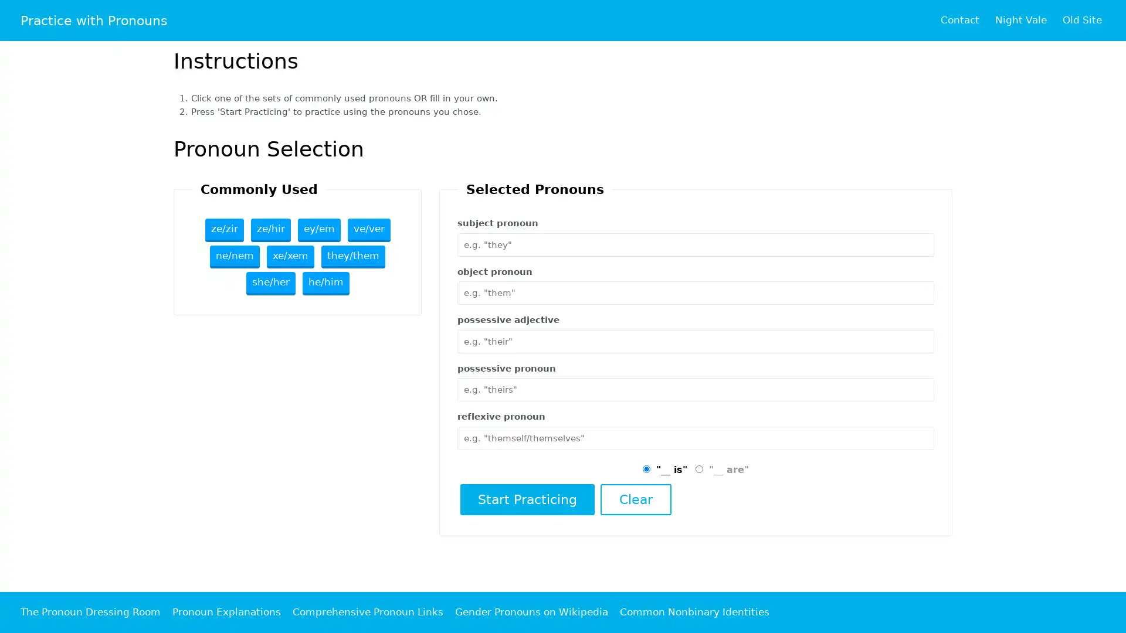 The image size is (1126, 633). Describe the element at coordinates (635, 499) in the screenshot. I see `Clear` at that location.